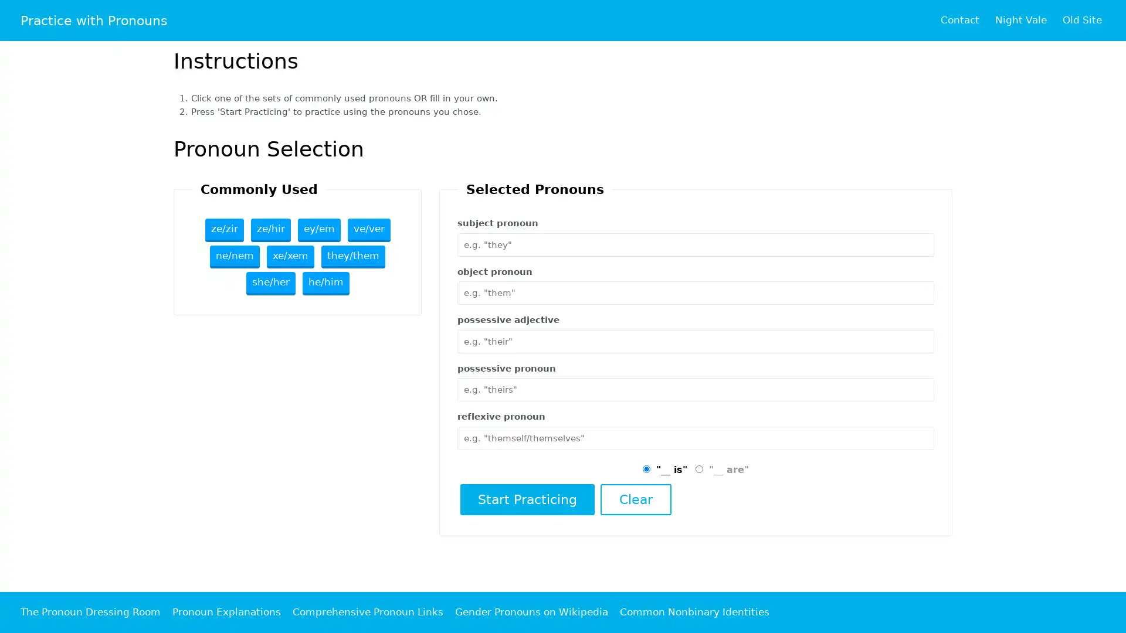 The image size is (1126, 633). Describe the element at coordinates (635, 499) in the screenshot. I see `Clear` at that location.